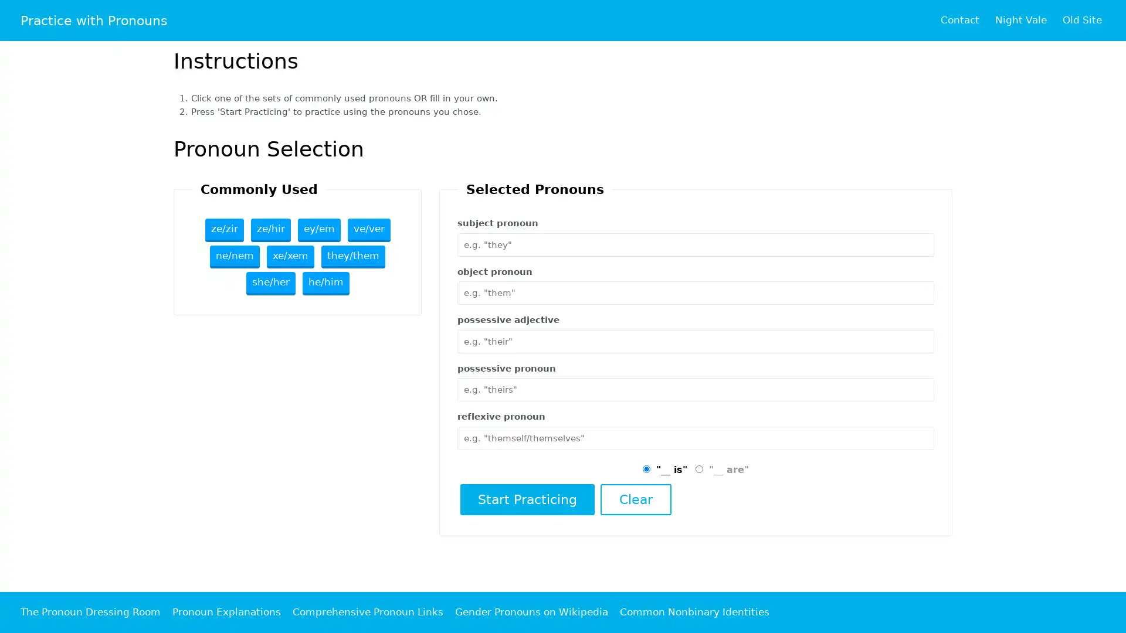 The image size is (1126, 633). Describe the element at coordinates (635, 499) in the screenshot. I see `Clear` at that location.